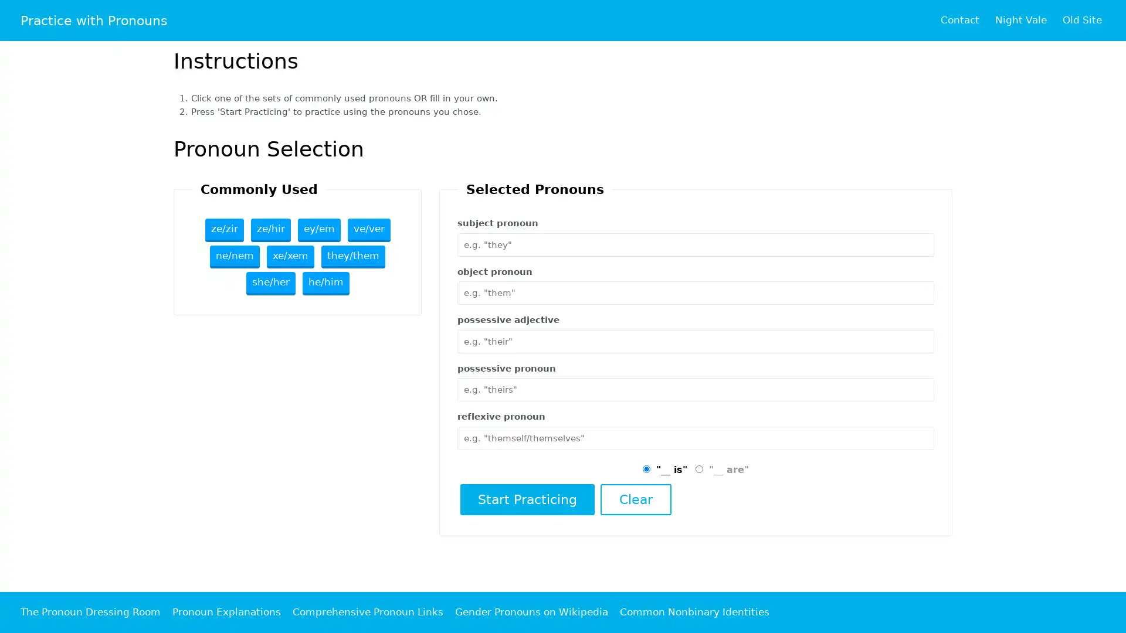 The image size is (1126, 633). Describe the element at coordinates (635, 499) in the screenshot. I see `Clear` at that location.